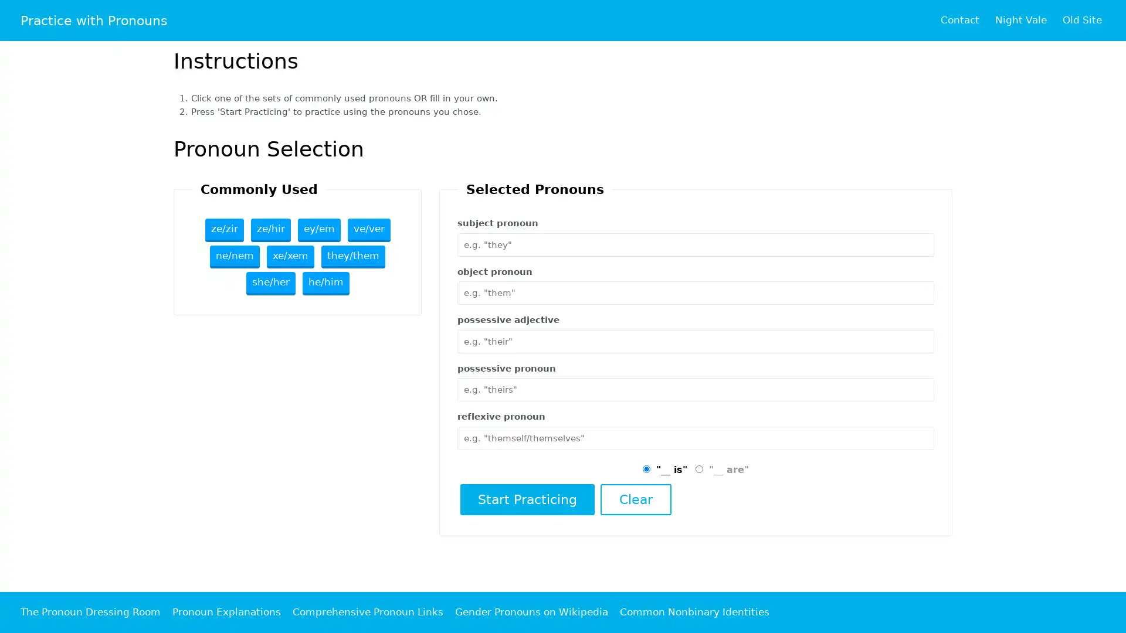 The image size is (1126, 633). Describe the element at coordinates (635, 499) in the screenshot. I see `Clear` at that location.